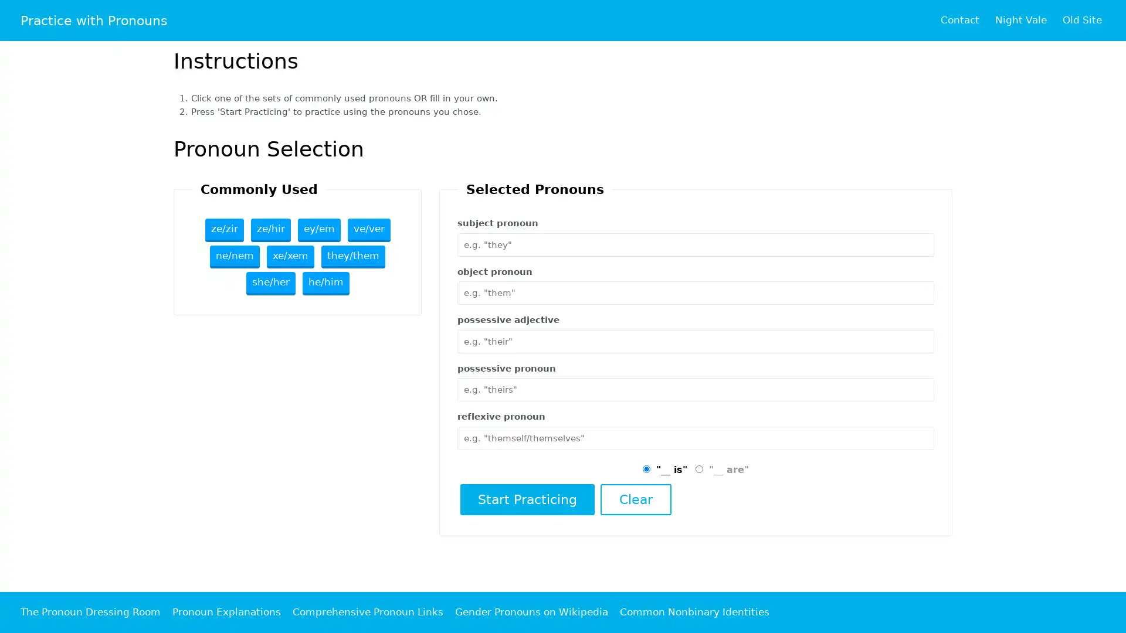 The image size is (1126, 633). Describe the element at coordinates (635, 499) in the screenshot. I see `Clear` at that location.